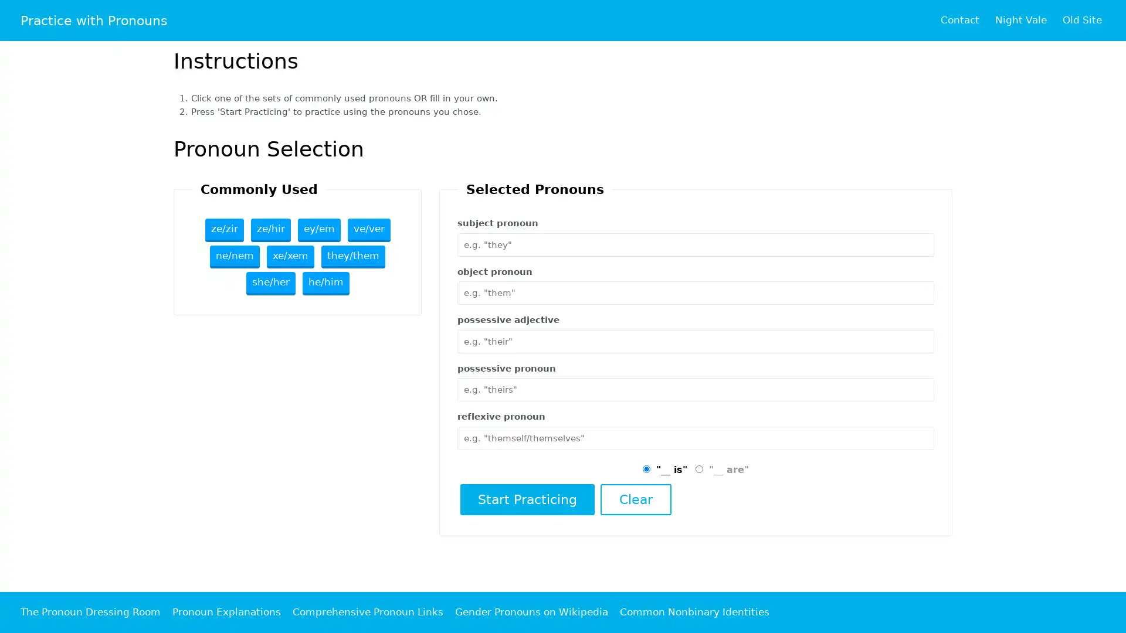 The image size is (1126, 633). Describe the element at coordinates (635, 499) in the screenshot. I see `Clear` at that location.